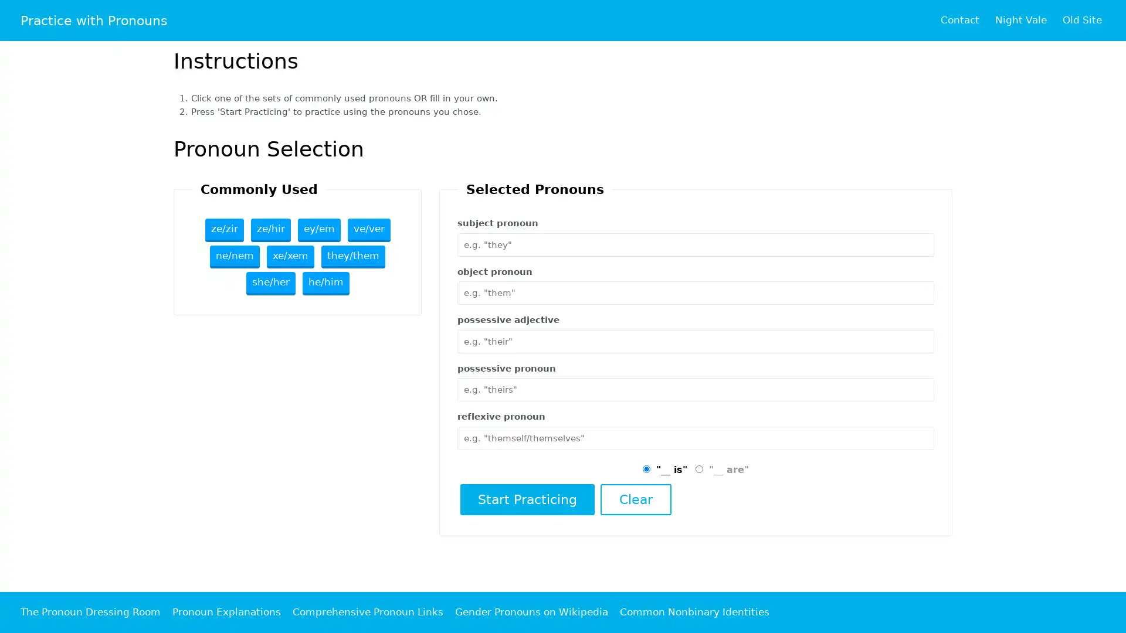 The image size is (1126, 633). Describe the element at coordinates (635, 499) in the screenshot. I see `Clear` at that location.